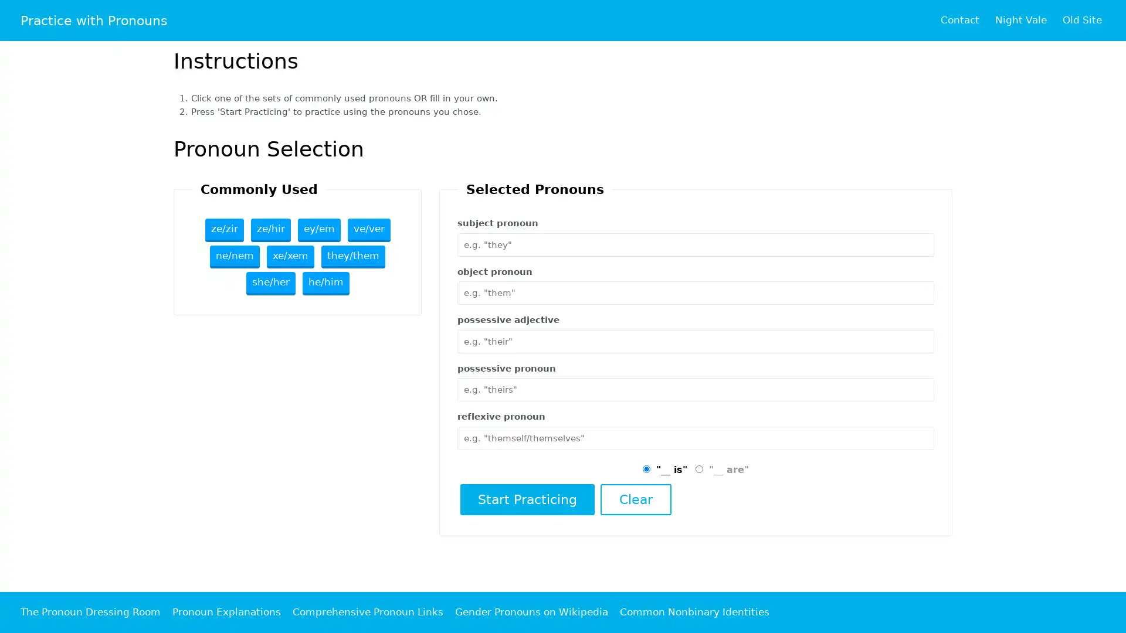 The image size is (1126, 633). Describe the element at coordinates (635, 499) in the screenshot. I see `Clear` at that location.